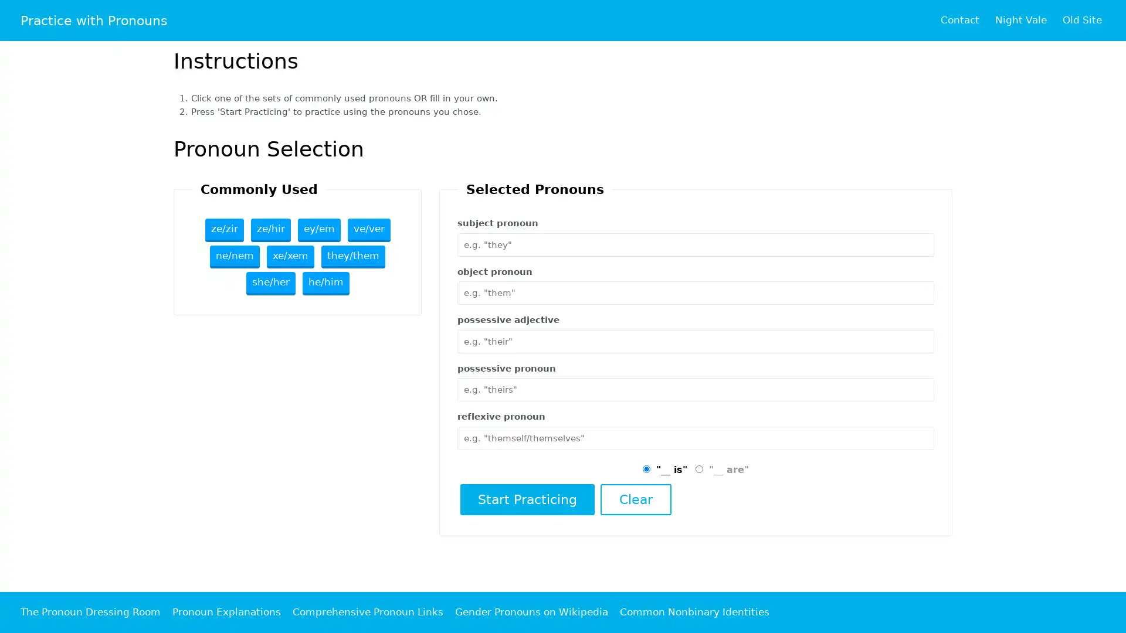 The image size is (1126, 633). Describe the element at coordinates (635, 499) in the screenshot. I see `Clear` at that location.